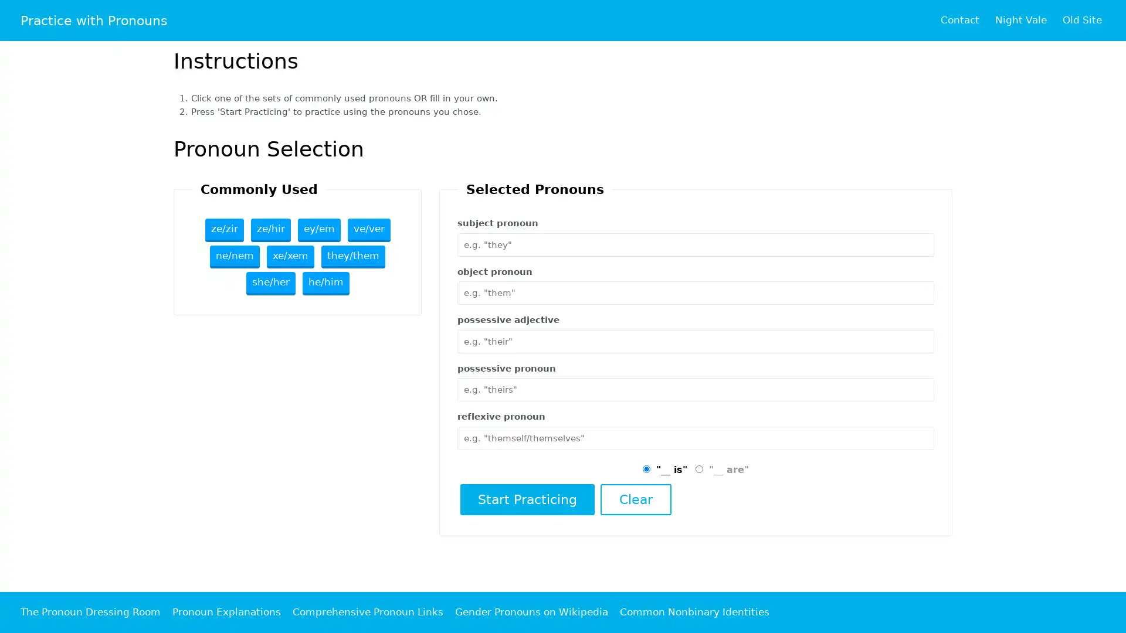 The image size is (1126, 633). Describe the element at coordinates (635, 499) in the screenshot. I see `Clear` at that location.